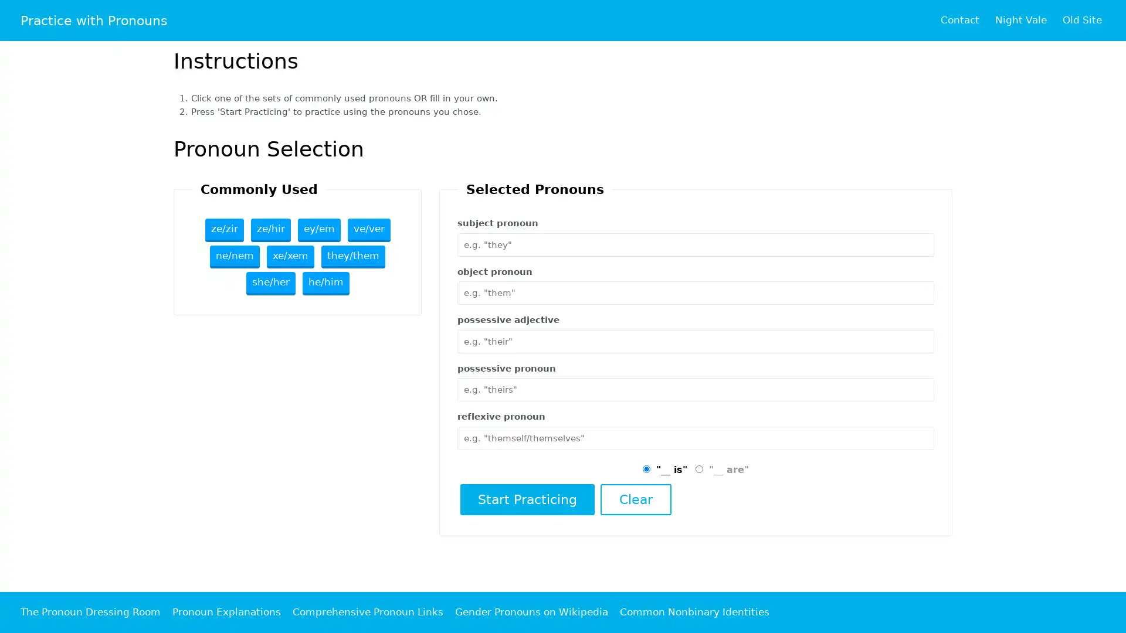 The image size is (1126, 633). Describe the element at coordinates (635, 499) in the screenshot. I see `Clear` at that location.